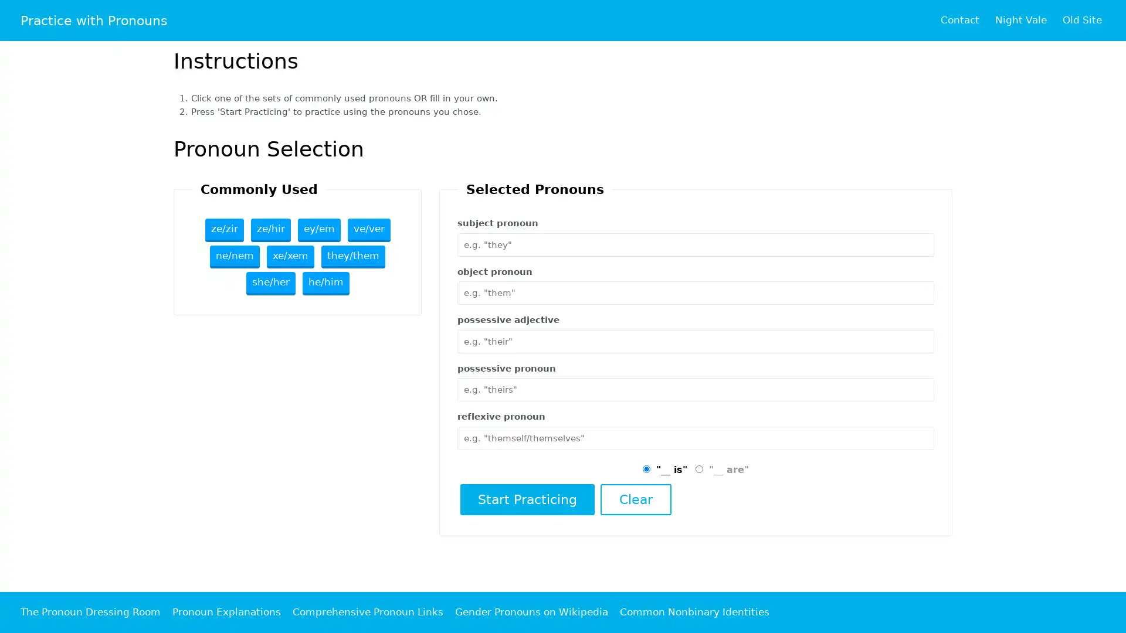 The image size is (1126, 633). Describe the element at coordinates (635, 499) in the screenshot. I see `Clear` at that location.